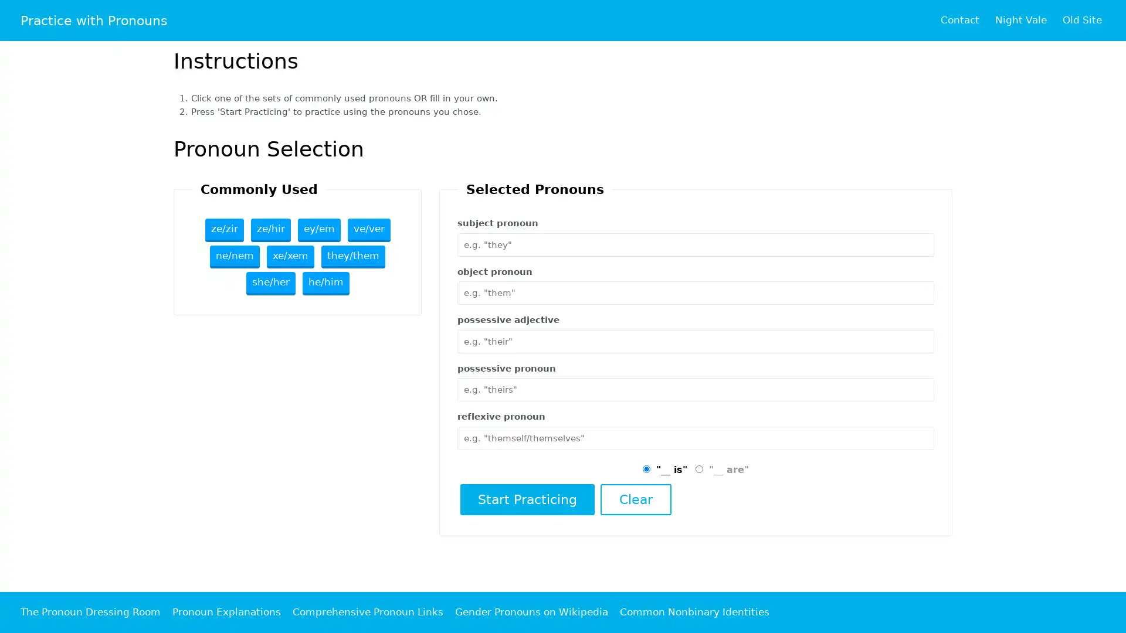 The image size is (1126, 633). Describe the element at coordinates (635, 499) in the screenshot. I see `Clear` at that location.